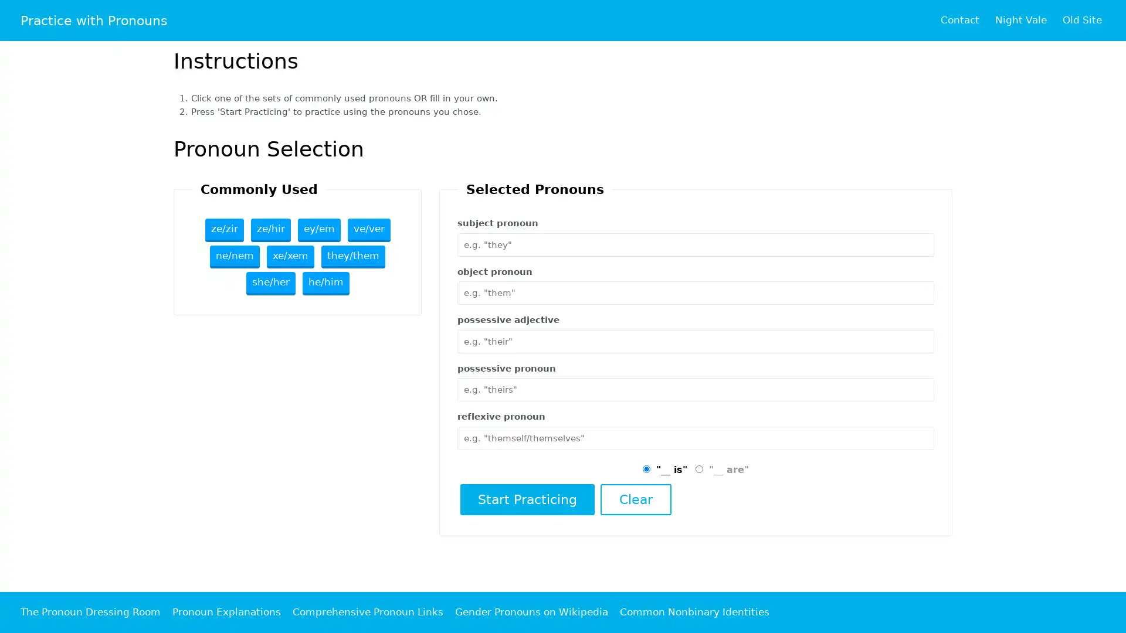 The image size is (1126, 633). Describe the element at coordinates (635, 499) in the screenshot. I see `Clear` at that location.